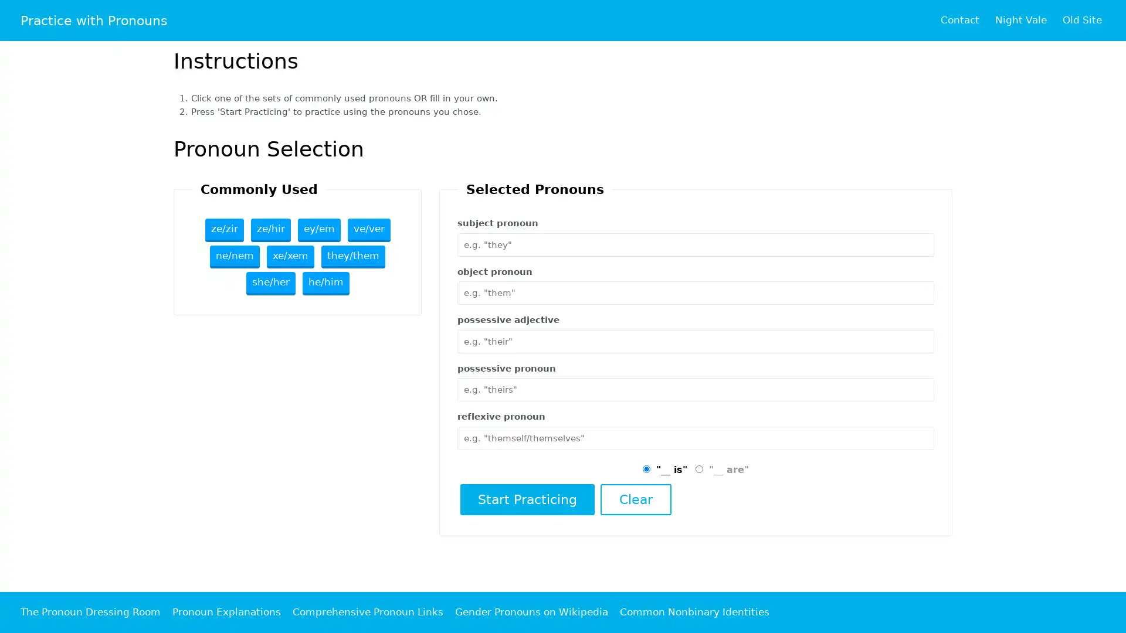 The image size is (1126, 633). Describe the element at coordinates (635, 499) in the screenshot. I see `Clear` at that location.